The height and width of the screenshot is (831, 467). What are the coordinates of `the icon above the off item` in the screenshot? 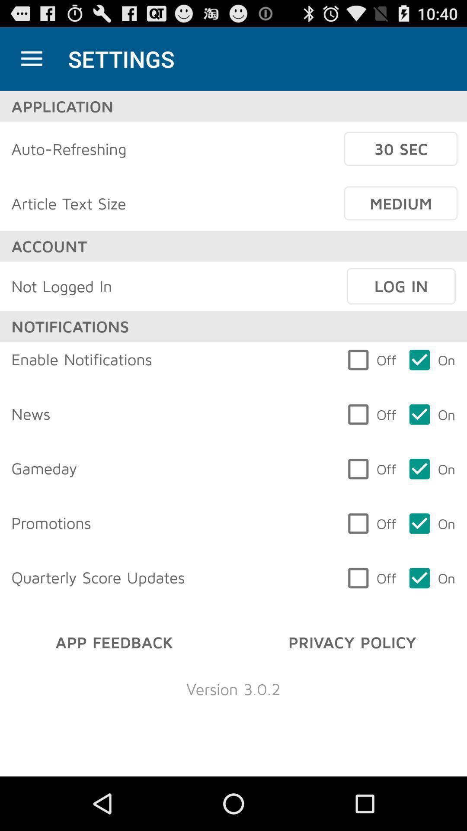 It's located at (401, 286).